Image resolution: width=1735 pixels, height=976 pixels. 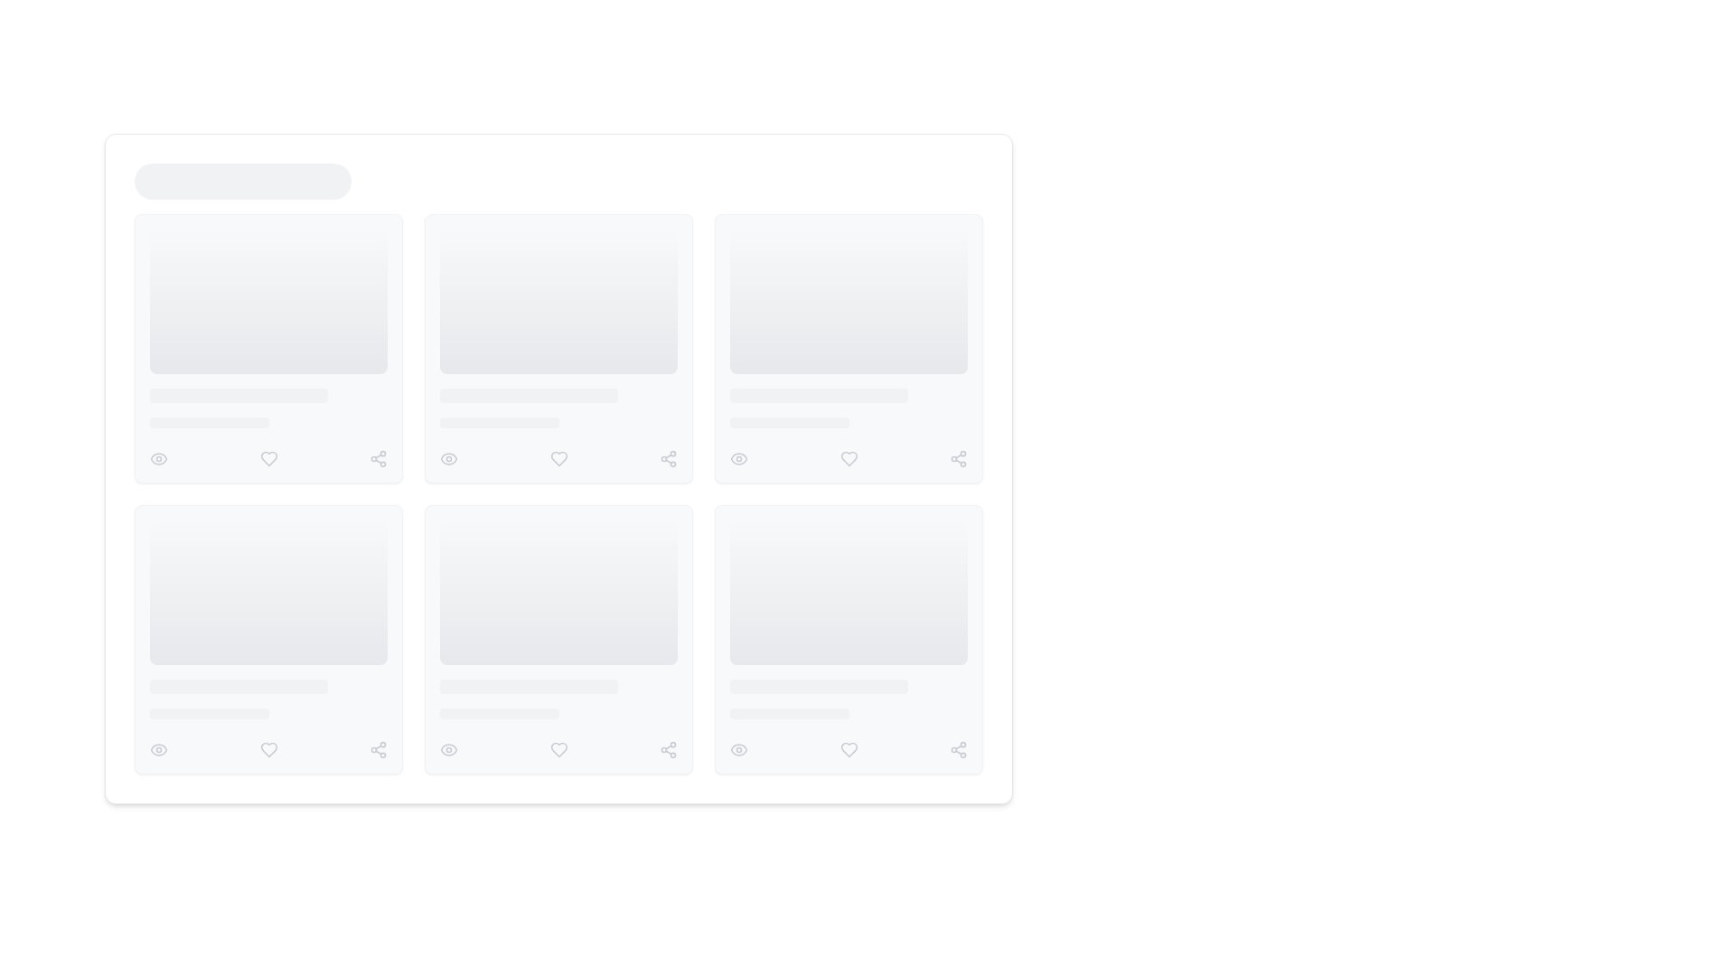 I want to click on the visibility icon located at the bottom left corner of the card layout, which is the leftmost icon in a row of icons including a heart and sharing icon, so click(x=159, y=749).